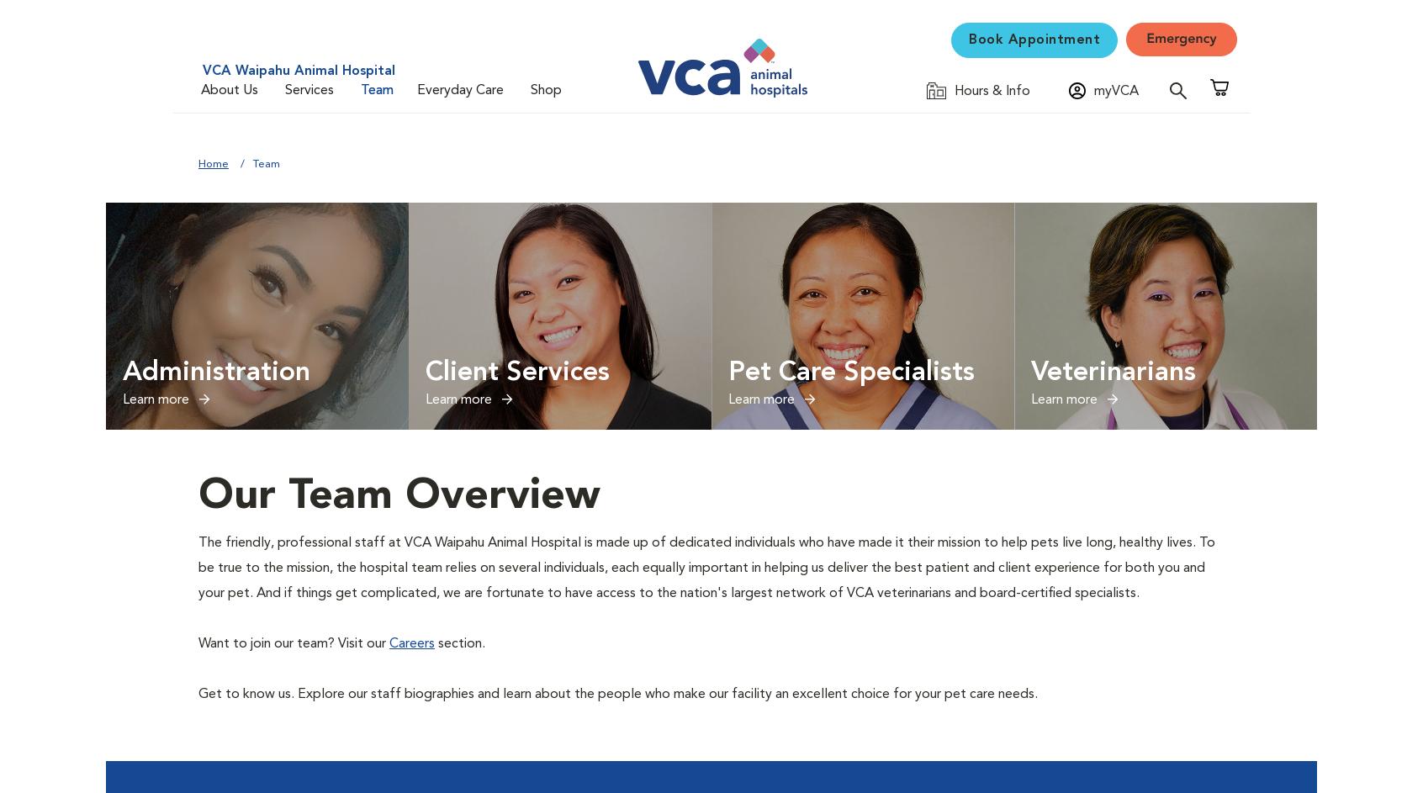 The width and height of the screenshot is (1423, 793). I want to click on 'Everyday Care', so click(460, 90).